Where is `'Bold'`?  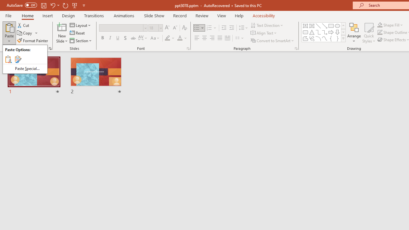
'Bold' is located at coordinates (102, 38).